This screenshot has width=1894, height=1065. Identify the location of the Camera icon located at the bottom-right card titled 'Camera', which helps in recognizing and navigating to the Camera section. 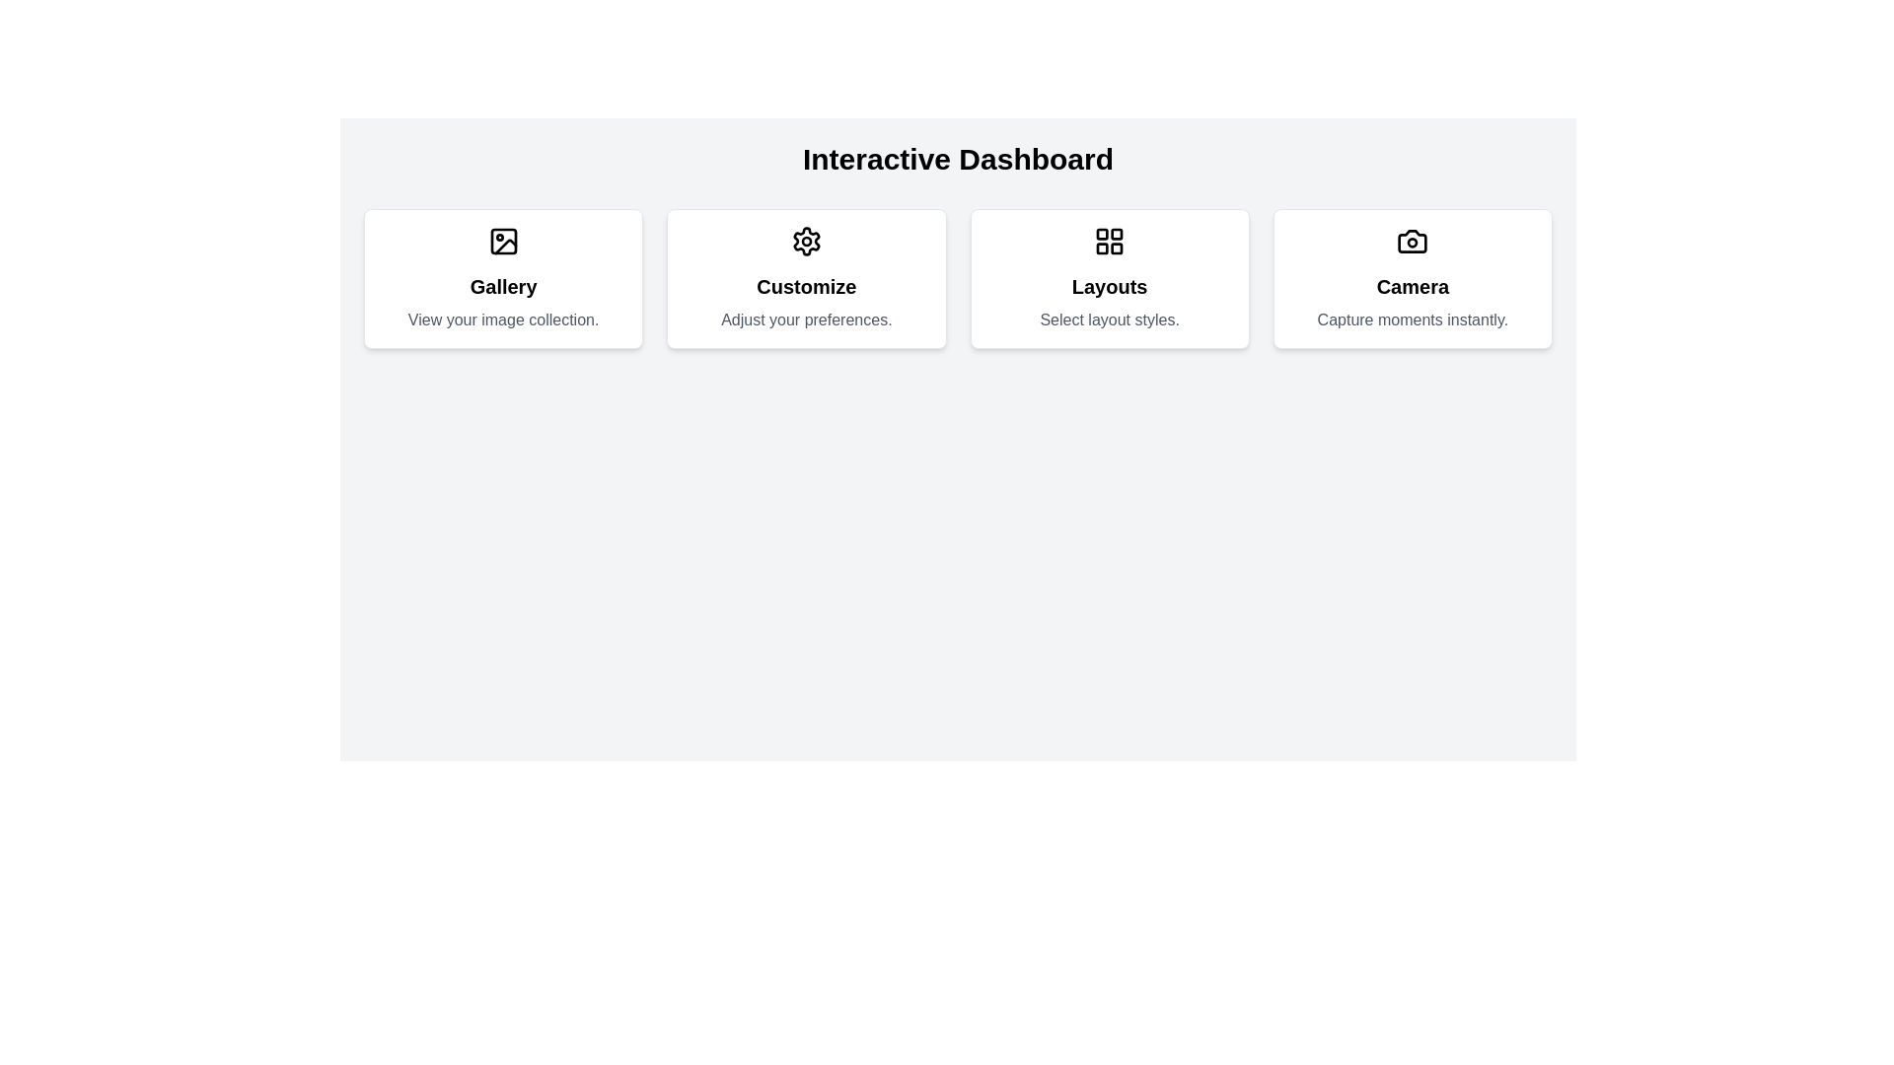
(1412, 241).